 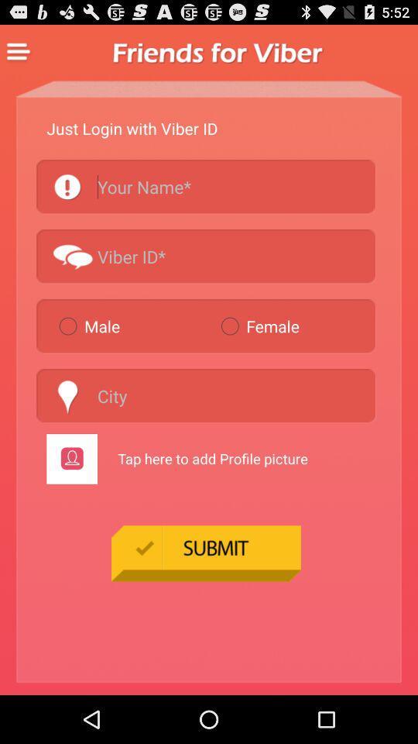 What do you see at coordinates (295, 325) in the screenshot?
I see `the icon next to male item` at bounding box center [295, 325].